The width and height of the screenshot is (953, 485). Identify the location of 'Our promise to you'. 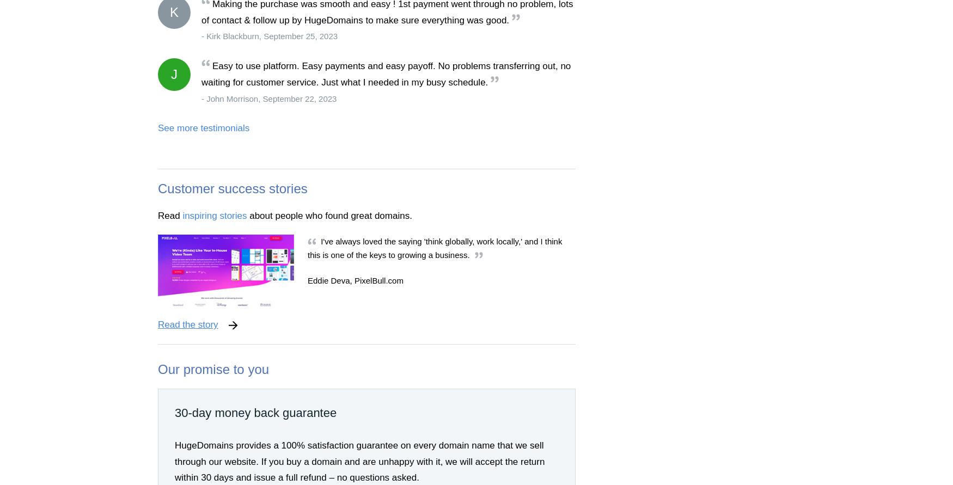
(213, 369).